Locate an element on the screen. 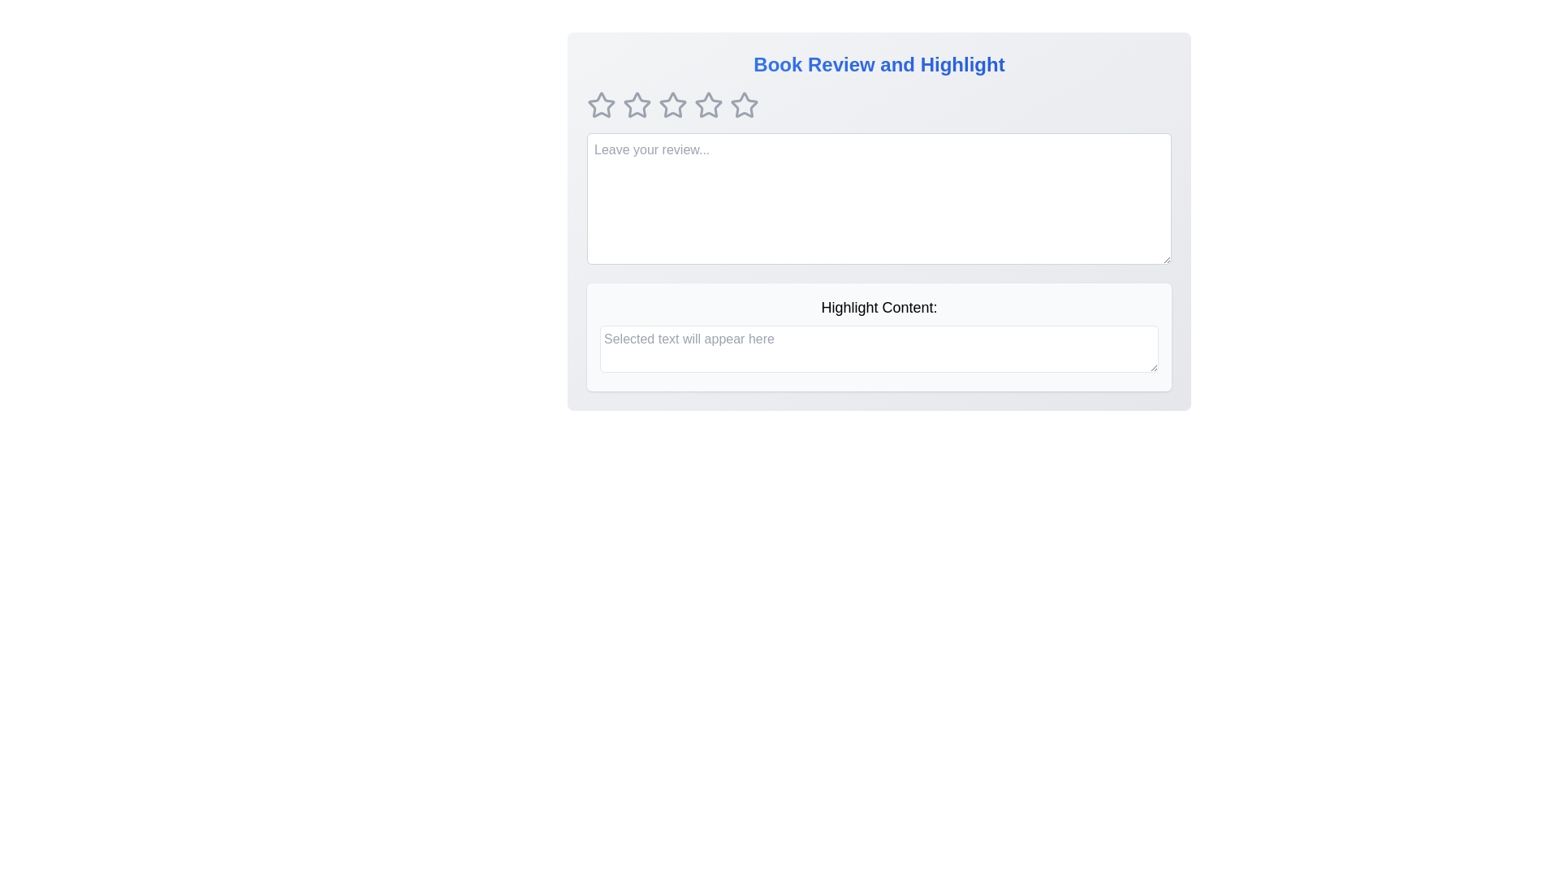 Image resolution: width=1559 pixels, height=877 pixels. the rating to 2 stars by clicking on the corresponding star icon is located at coordinates (637, 106).